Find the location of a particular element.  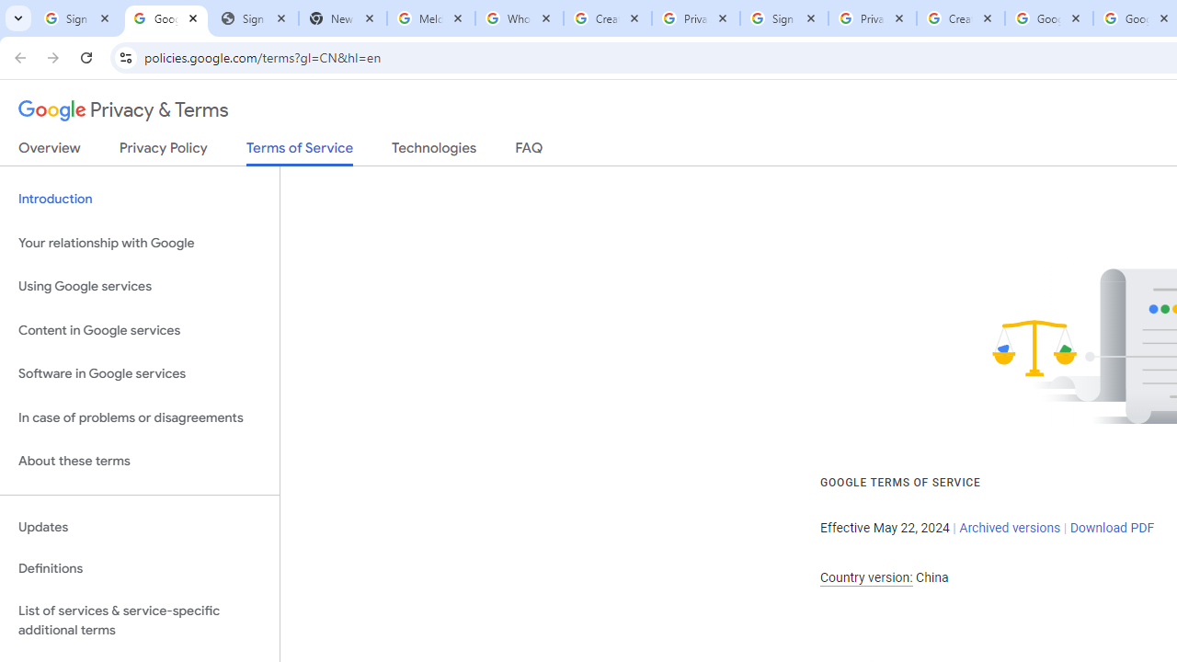

'Introduction' is located at coordinates (139, 200).